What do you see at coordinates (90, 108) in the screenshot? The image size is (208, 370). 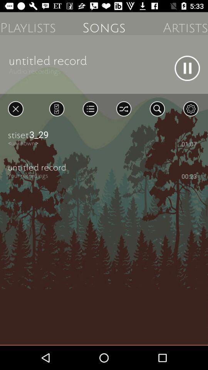 I see `menu icon` at bounding box center [90, 108].